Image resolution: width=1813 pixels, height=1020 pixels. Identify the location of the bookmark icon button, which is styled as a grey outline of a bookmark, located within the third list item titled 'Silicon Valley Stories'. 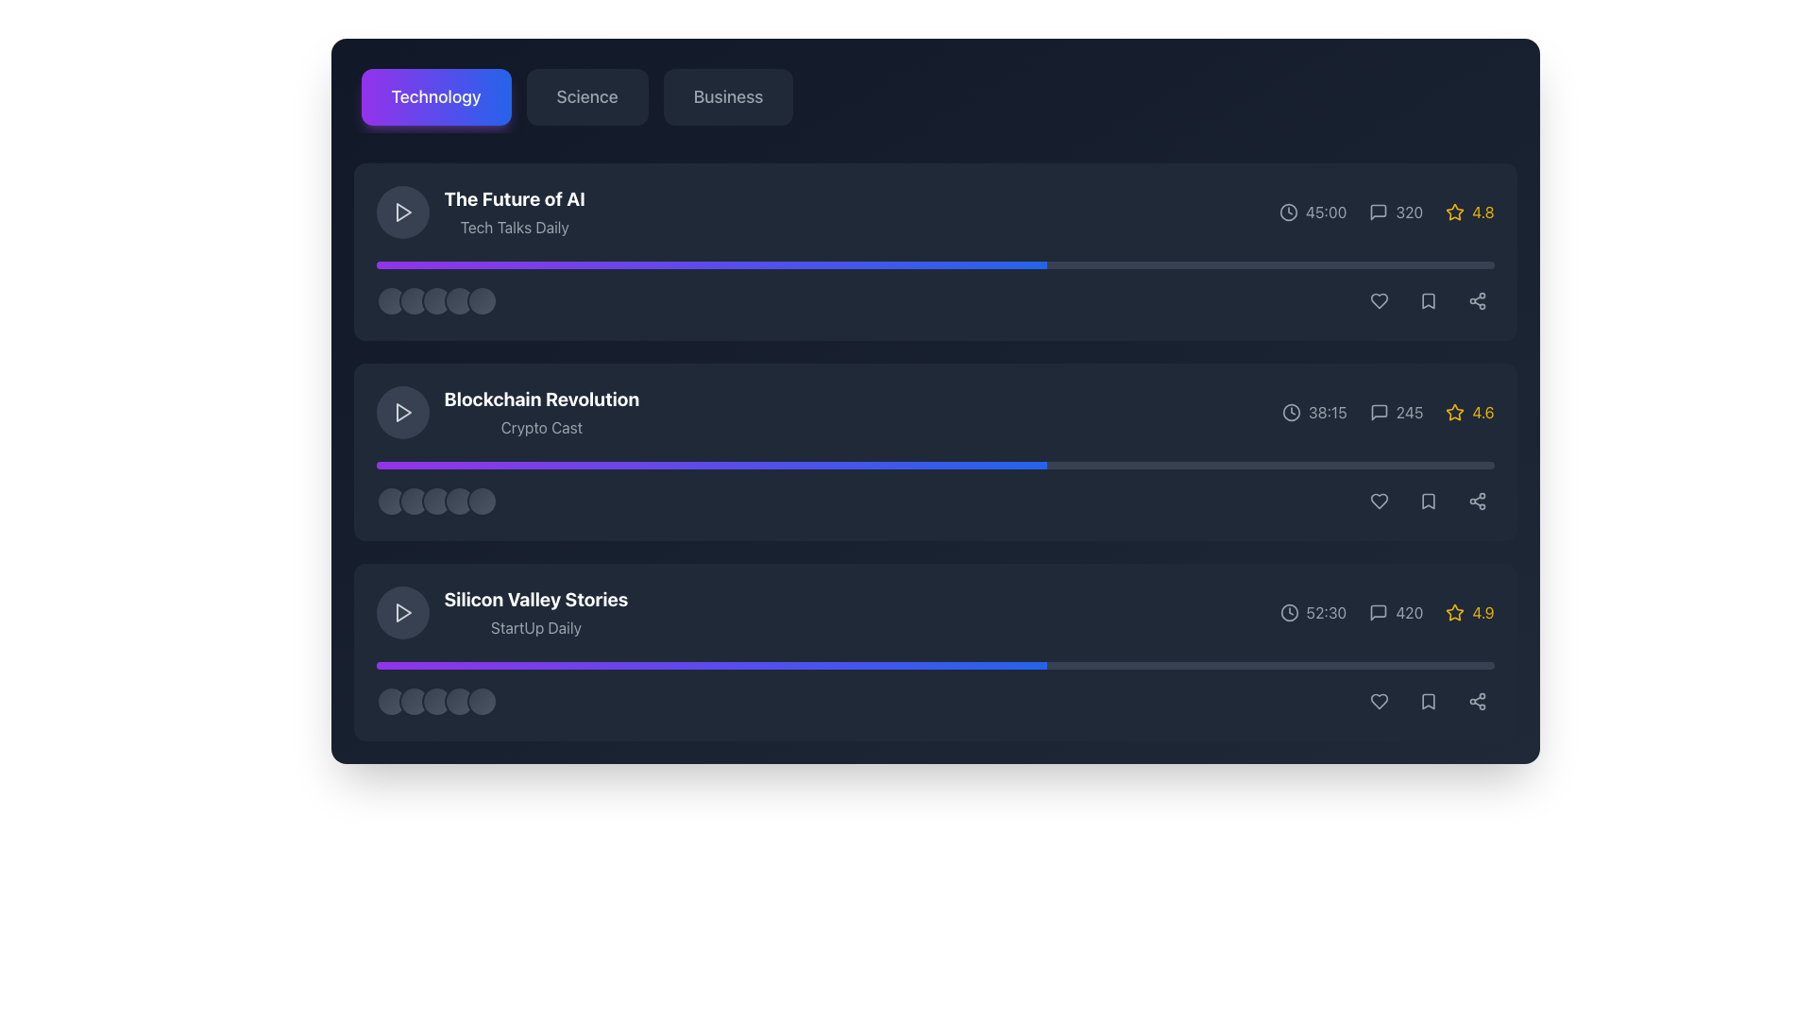
(1428, 702).